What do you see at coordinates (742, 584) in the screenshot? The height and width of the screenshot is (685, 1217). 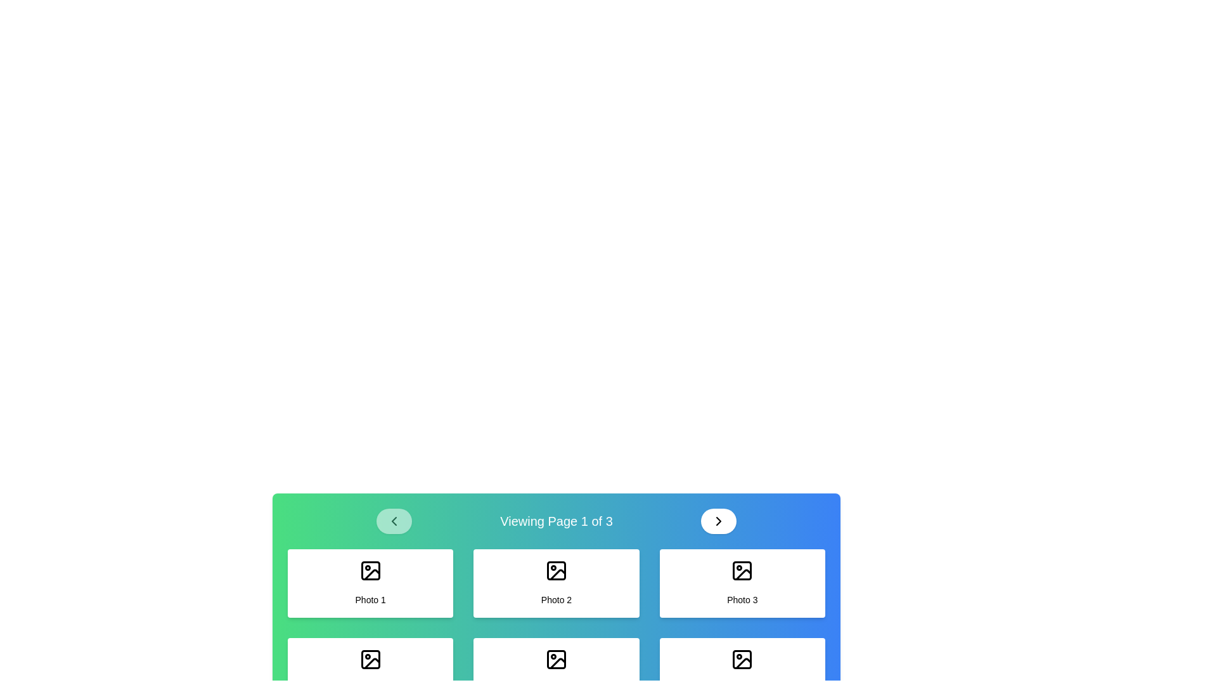 I see `the Image Placeholder Card, which is a rectangular card with a white background, shadow effect, and rounded corners, displaying the text 'Photo 3' centered below an icon, positioned as the third item in the grid layout of image cards` at bounding box center [742, 584].